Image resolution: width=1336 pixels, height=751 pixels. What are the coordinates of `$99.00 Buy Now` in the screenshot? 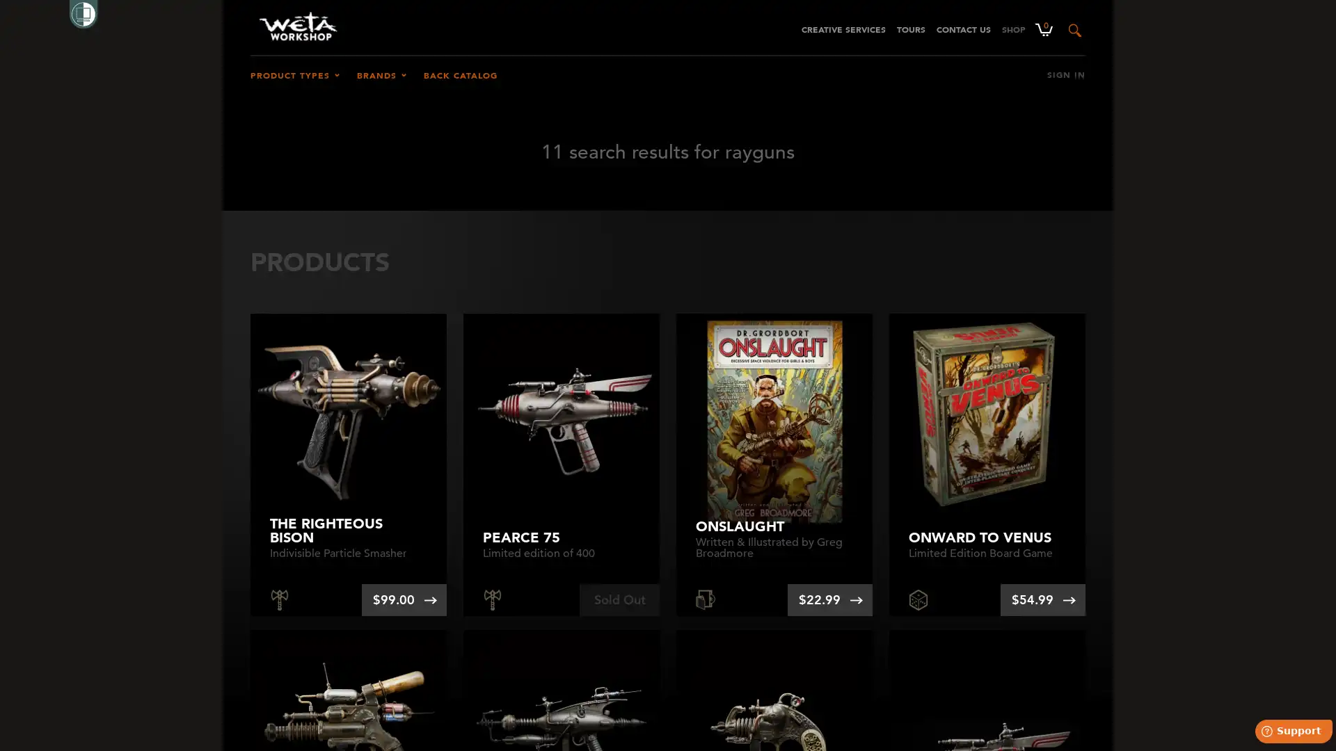 It's located at (403, 599).